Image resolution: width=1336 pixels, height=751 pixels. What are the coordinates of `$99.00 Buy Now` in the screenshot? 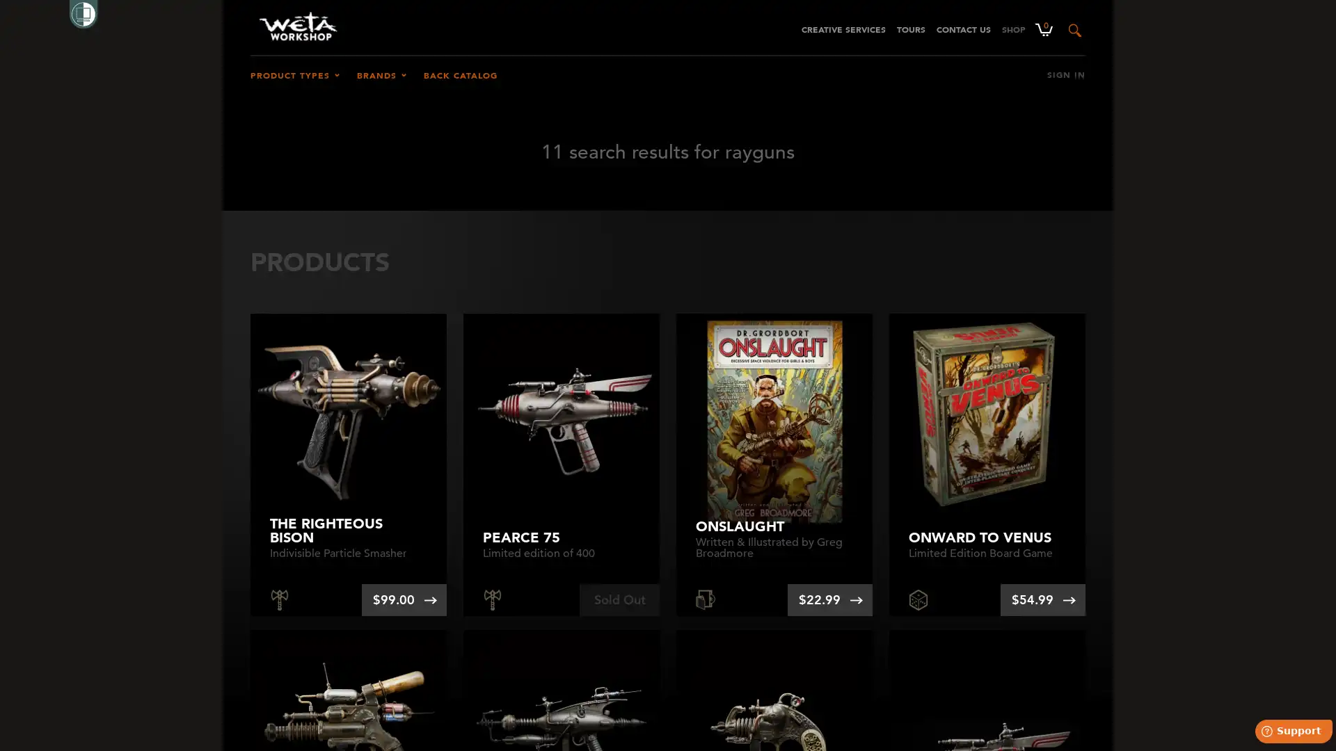 It's located at (403, 599).